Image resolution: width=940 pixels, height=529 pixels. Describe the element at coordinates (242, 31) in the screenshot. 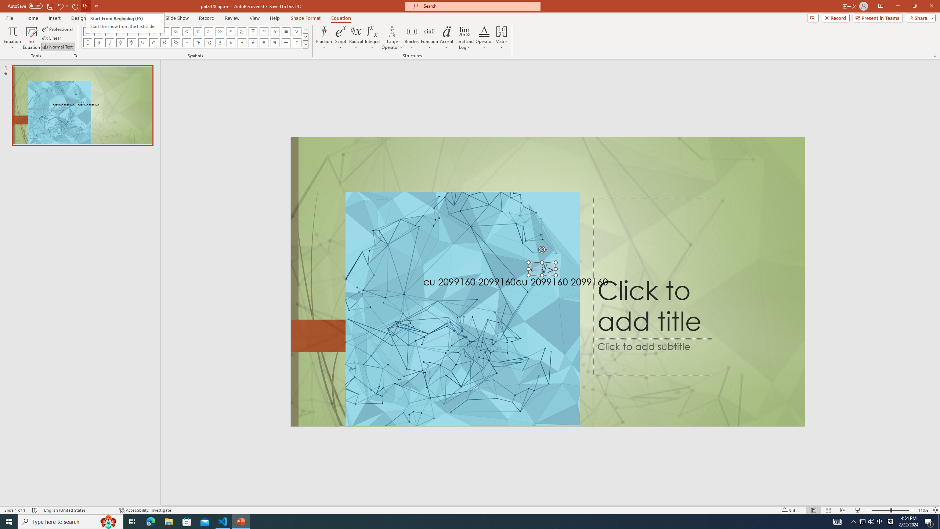

I see `'Equation Symbol Greater Than or Equal To'` at that location.